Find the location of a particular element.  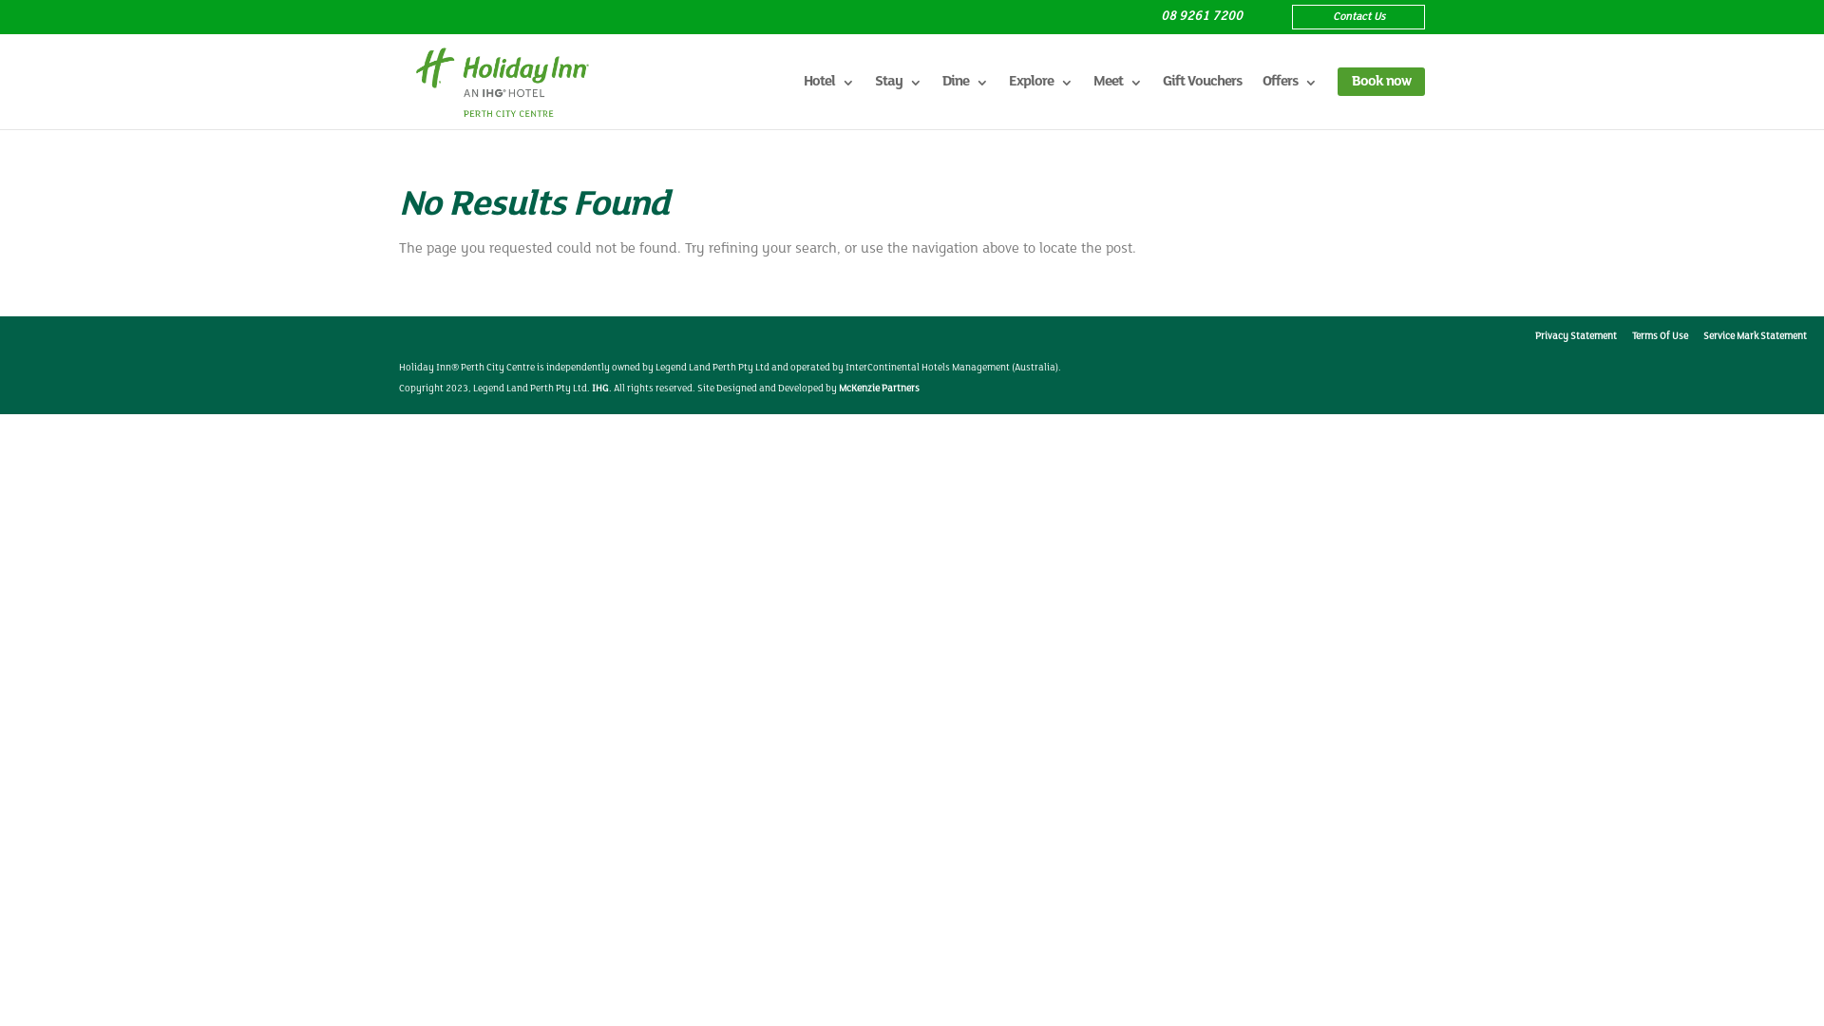

'08 9261 7200' is located at coordinates (1201, 17).